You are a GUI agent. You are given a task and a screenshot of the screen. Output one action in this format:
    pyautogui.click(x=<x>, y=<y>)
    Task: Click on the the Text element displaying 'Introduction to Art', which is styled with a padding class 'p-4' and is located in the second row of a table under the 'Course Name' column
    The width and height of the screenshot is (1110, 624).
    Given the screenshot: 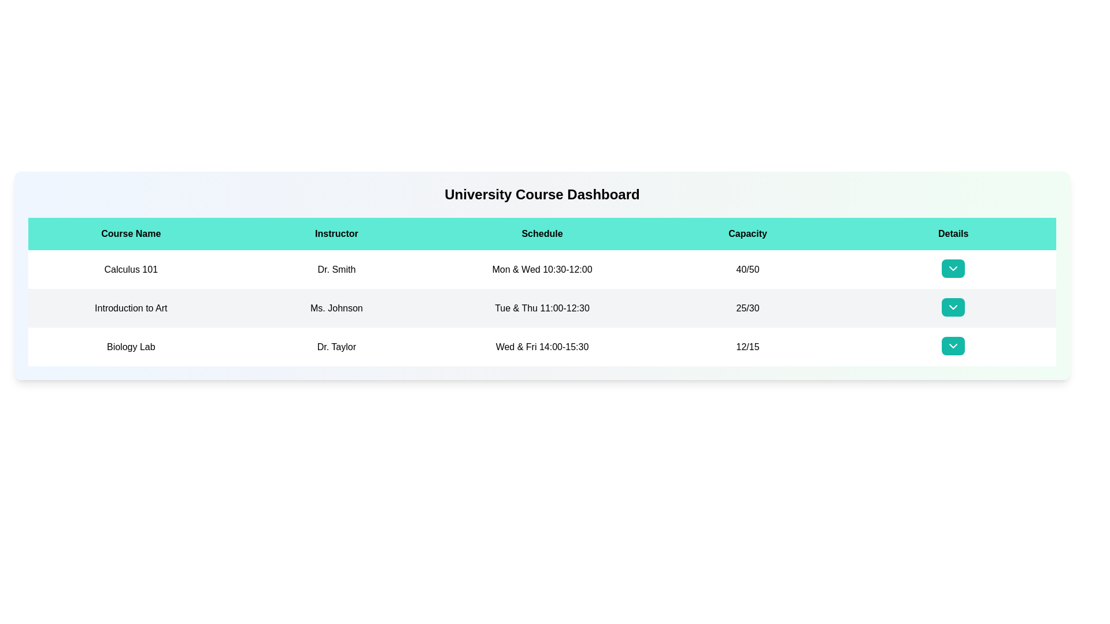 What is the action you would take?
    pyautogui.click(x=131, y=307)
    